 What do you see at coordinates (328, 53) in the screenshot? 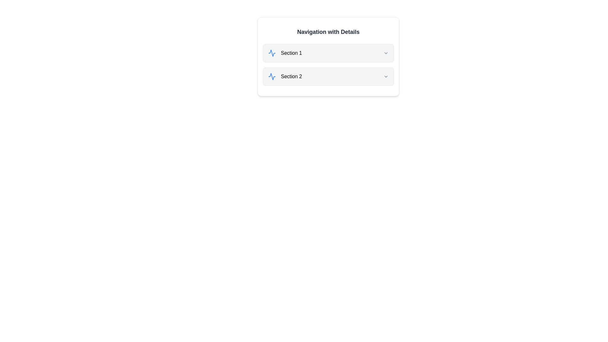
I see `the Collapsible header labeled 'Section 1'` at bounding box center [328, 53].